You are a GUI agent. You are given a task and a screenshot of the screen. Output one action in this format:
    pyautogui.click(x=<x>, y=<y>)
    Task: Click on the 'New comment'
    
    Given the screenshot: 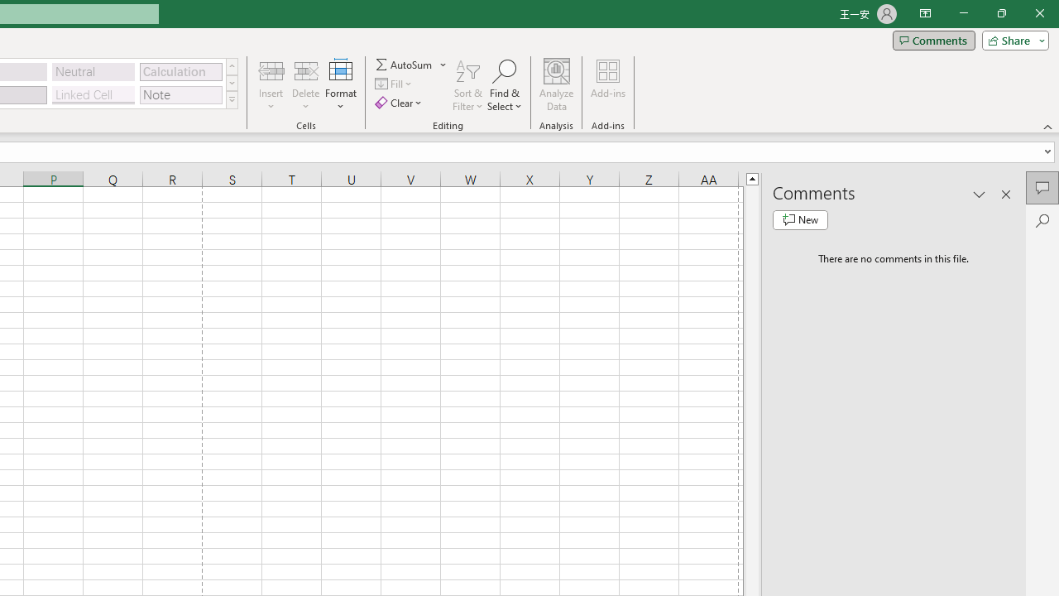 What is the action you would take?
    pyautogui.click(x=800, y=219)
    